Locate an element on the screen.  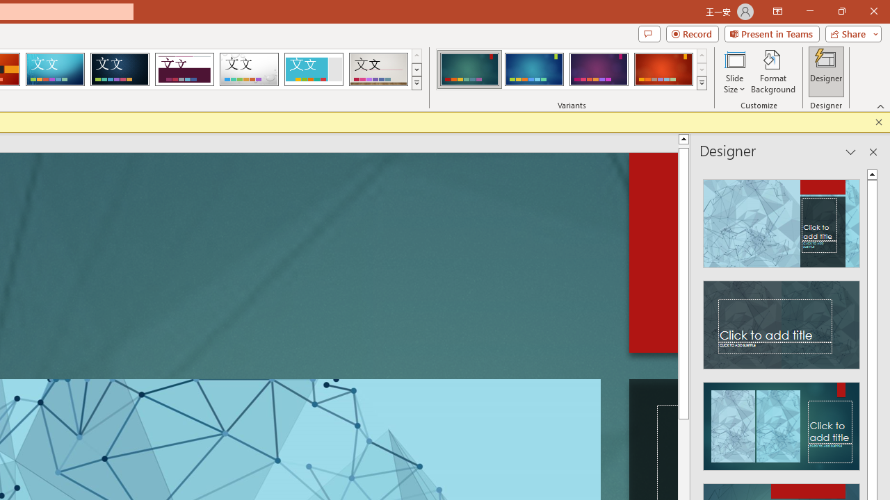
'Droplet' is located at coordinates (249, 69).